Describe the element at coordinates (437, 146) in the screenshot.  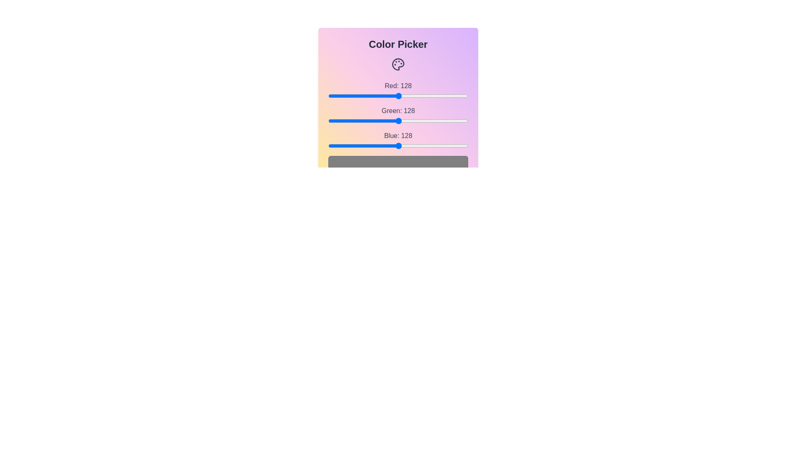
I see `the Blue slider to set the blue channel value to 199` at that location.